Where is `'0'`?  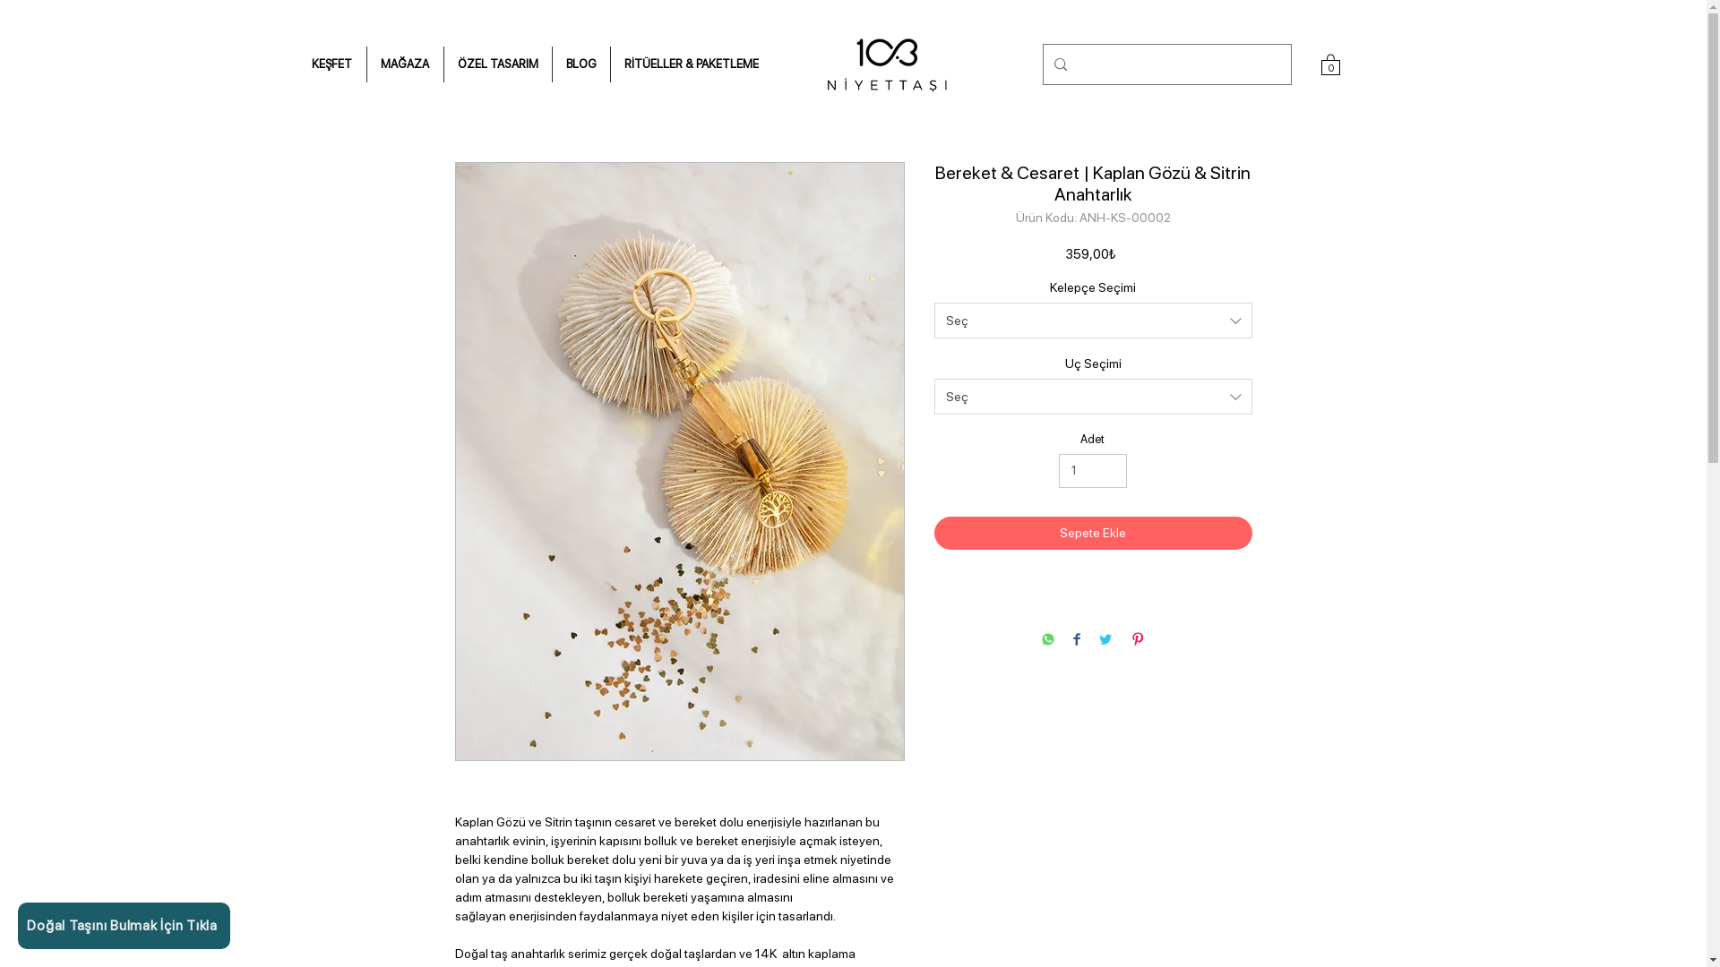
'0' is located at coordinates (1329, 63).